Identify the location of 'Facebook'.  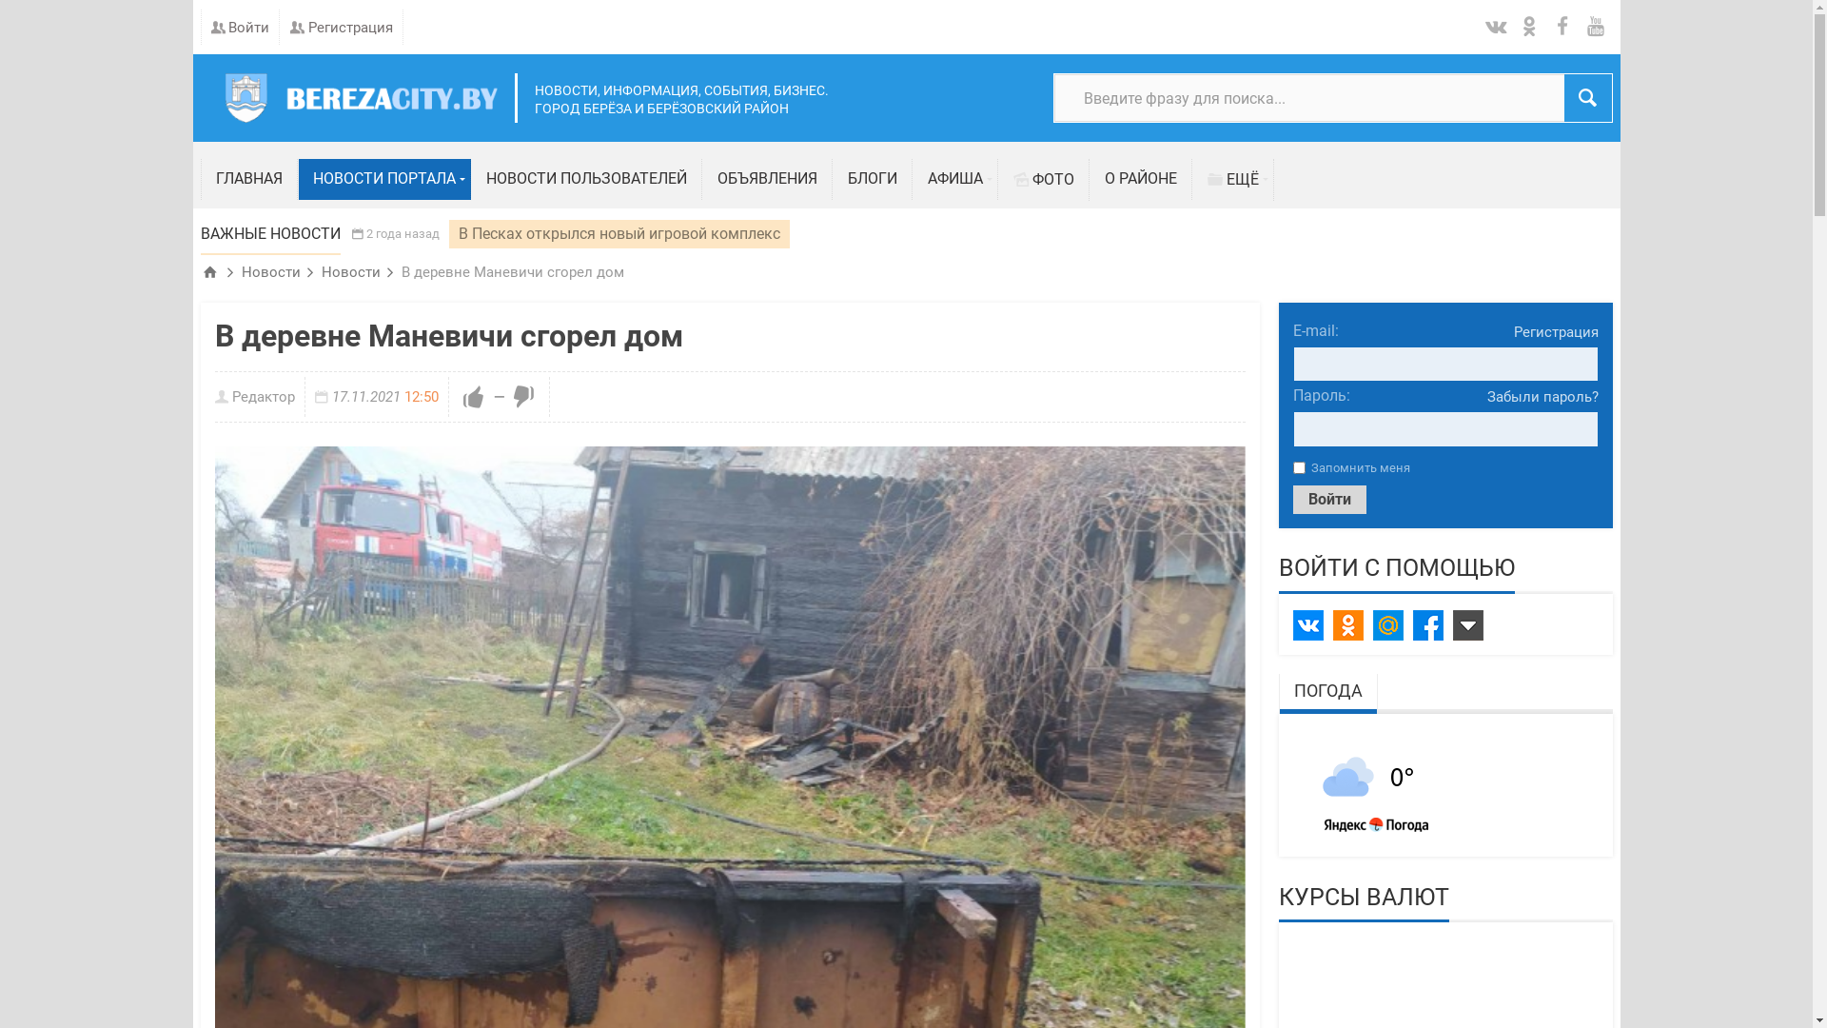
(1426, 624).